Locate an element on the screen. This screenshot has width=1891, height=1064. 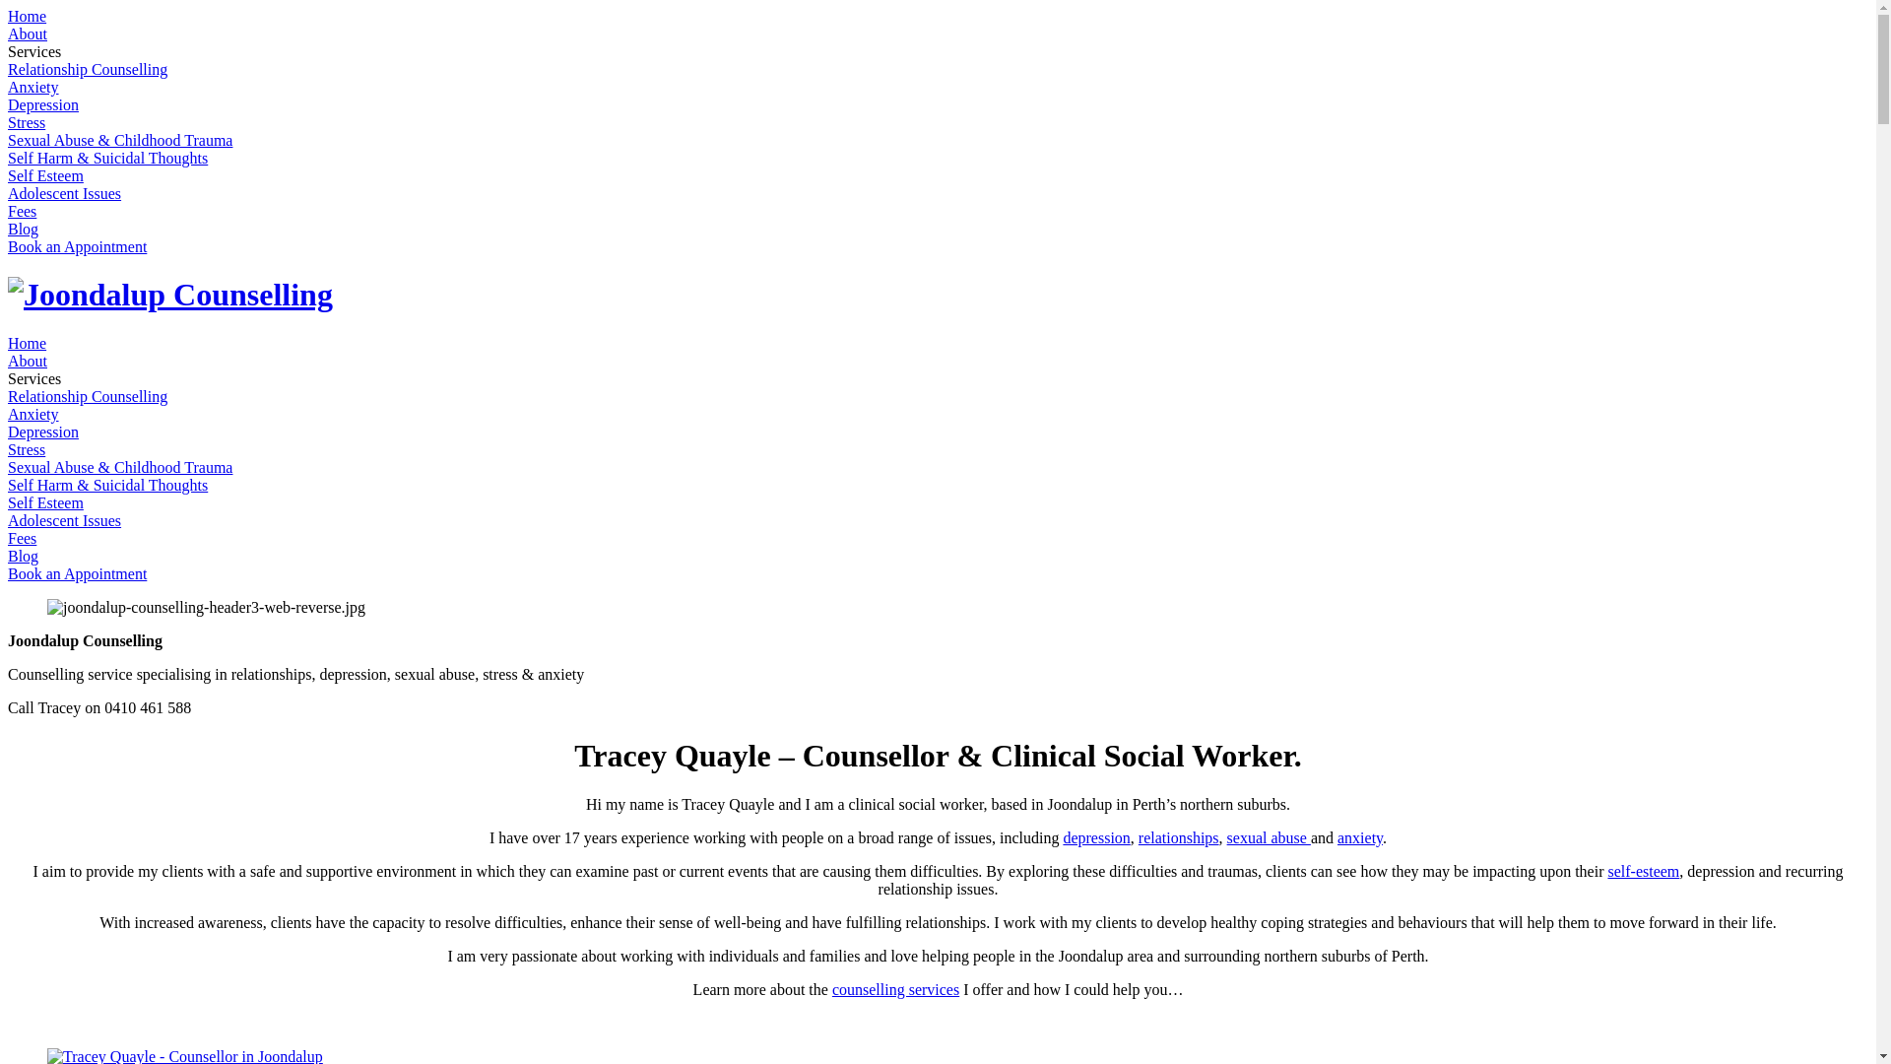
'counselling services' is located at coordinates (894, 989).